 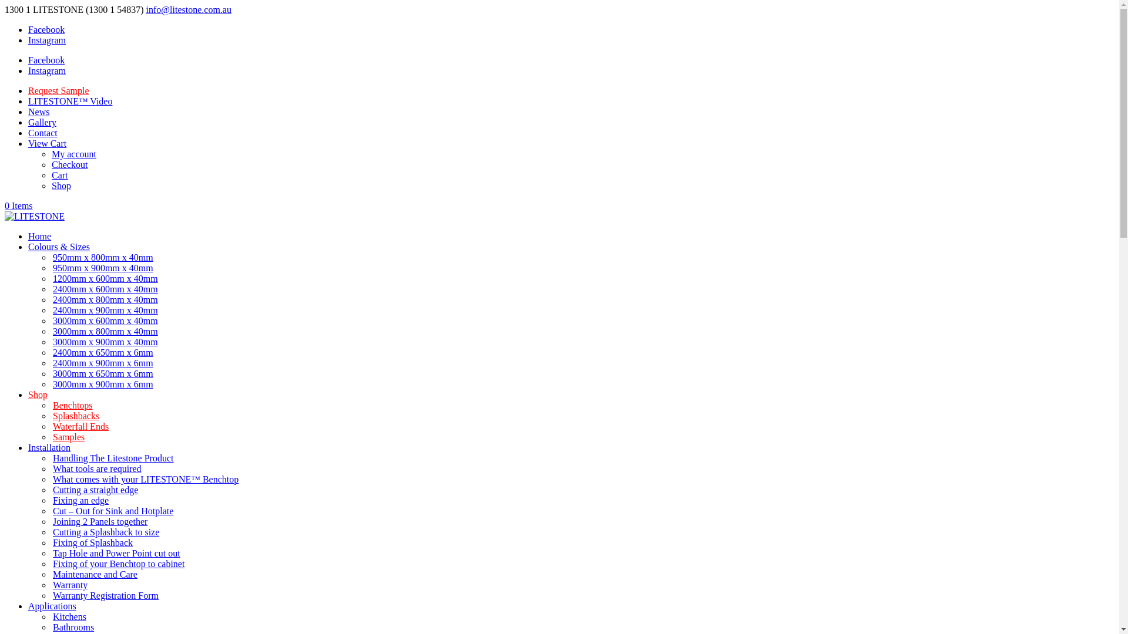 What do you see at coordinates (103, 384) in the screenshot?
I see `'3000mm x 900mm x 6mm'` at bounding box center [103, 384].